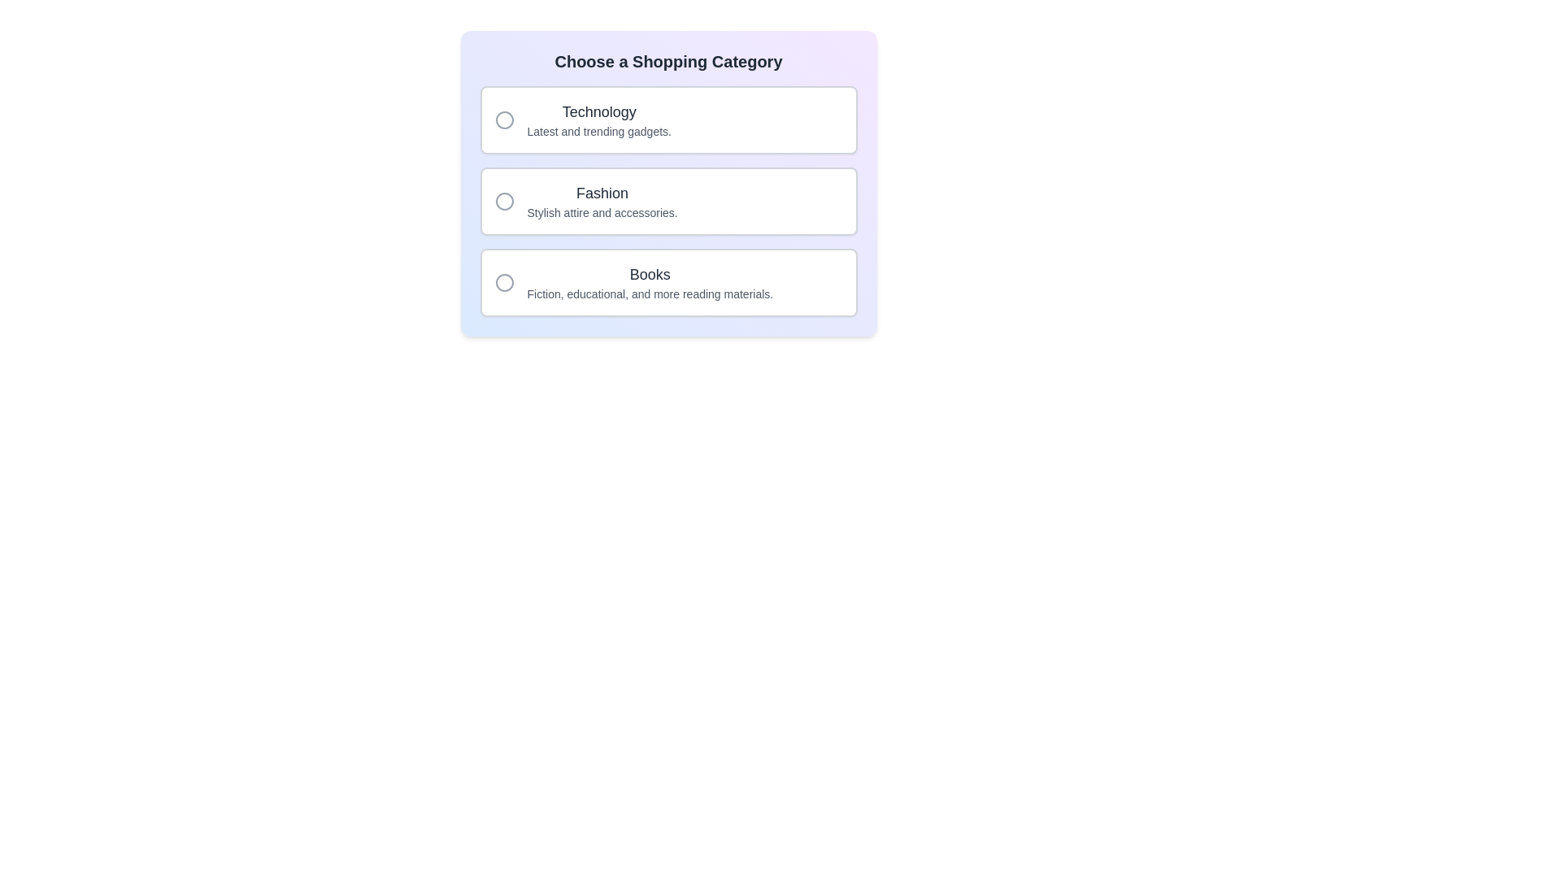 The image size is (1561, 878). What do you see at coordinates (602, 212) in the screenshot?
I see `the descriptive text element that provides information about the 'Fashion' category, which is the second line of text beneath the title 'Fashion'` at bounding box center [602, 212].